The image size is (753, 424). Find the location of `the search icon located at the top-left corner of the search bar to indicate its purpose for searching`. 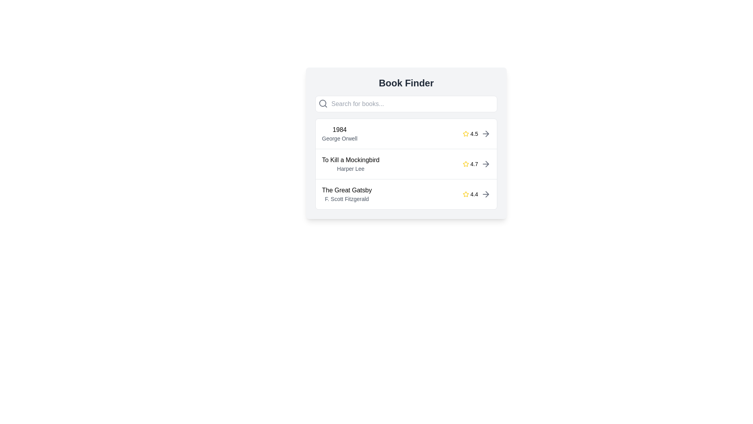

the search icon located at the top-left corner of the search bar to indicate its purpose for searching is located at coordinates (323, 103).